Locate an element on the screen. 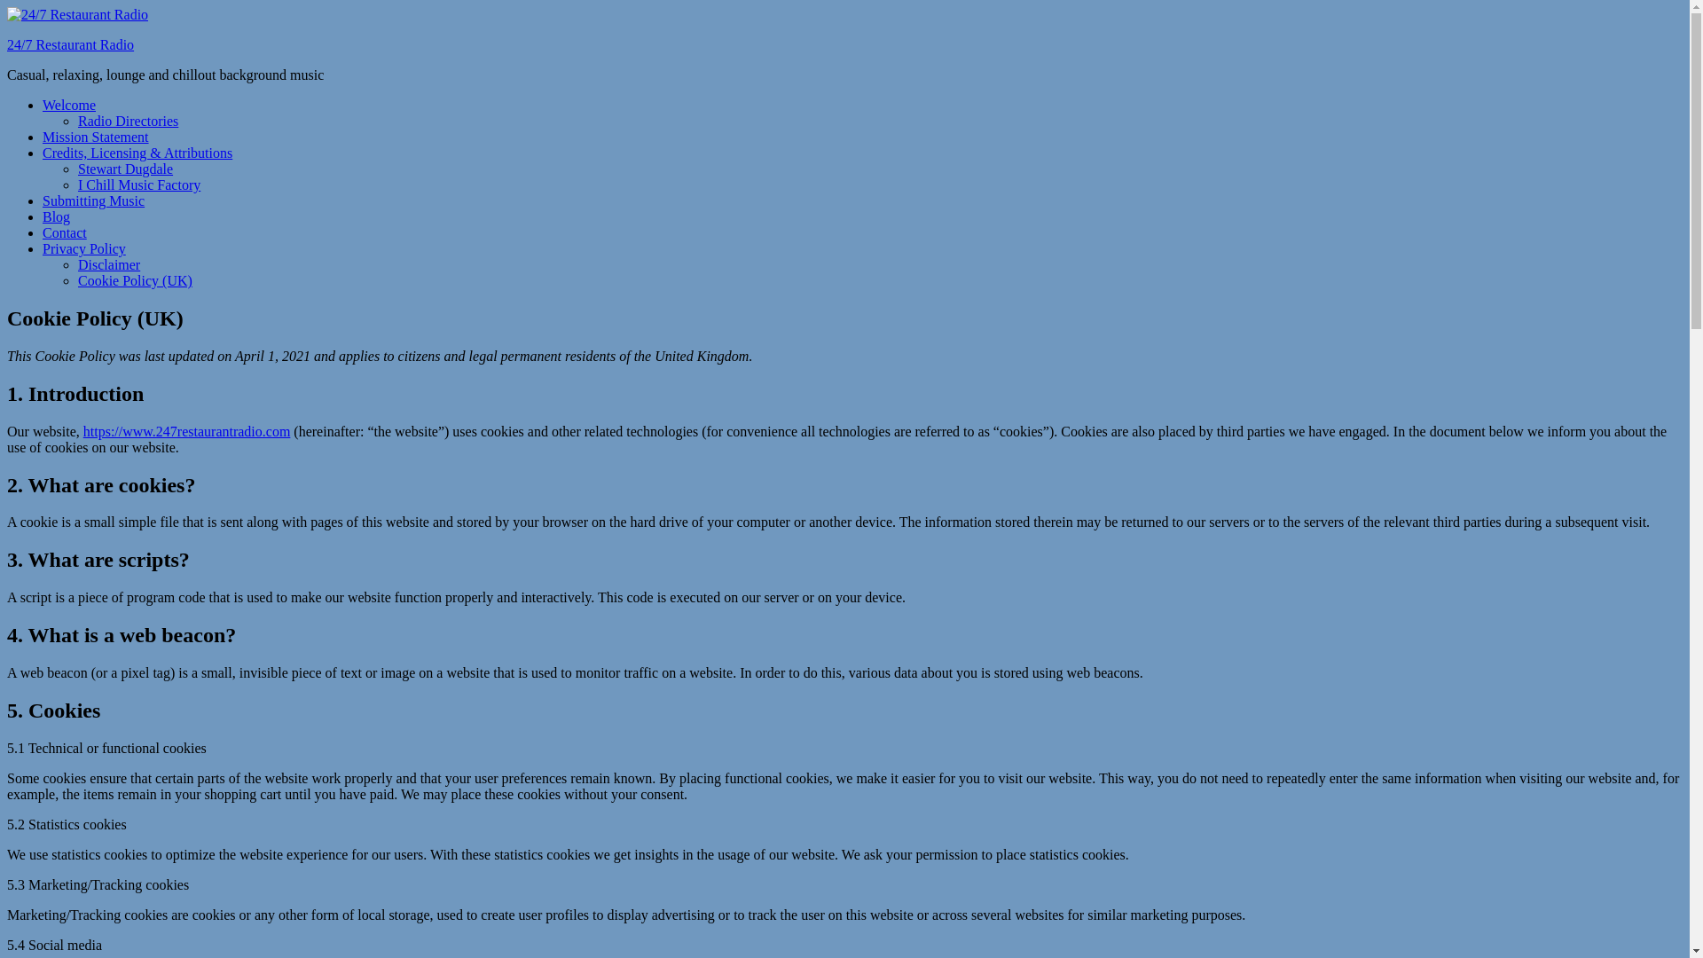 The image size is (1703, 958). 'I Chill Music Factory' is located at coordinates (138, 185).